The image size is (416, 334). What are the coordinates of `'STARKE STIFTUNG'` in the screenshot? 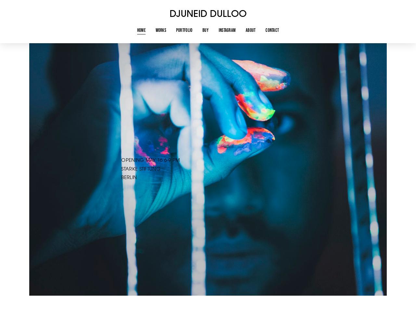 It's located at (141, 169).